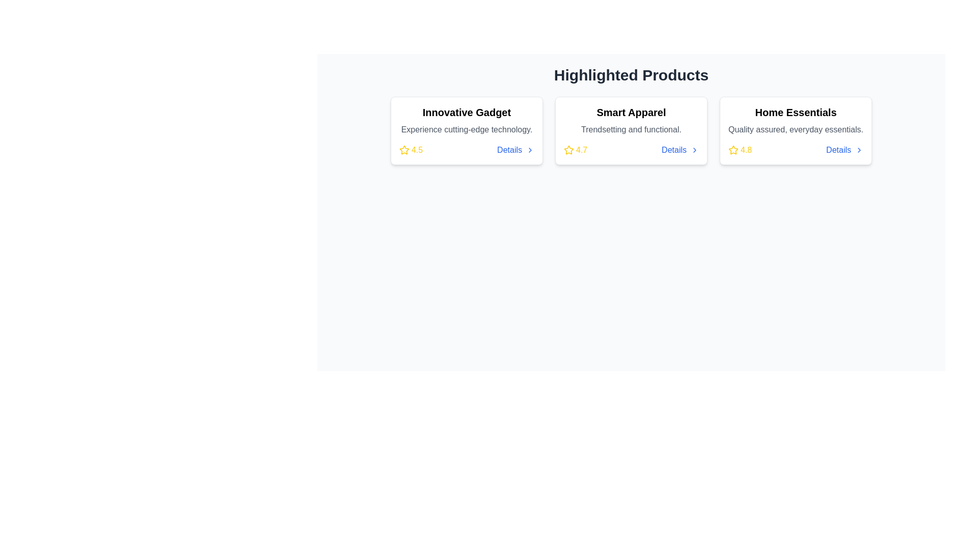  I want to click on the star icon representing ratings, which is located to the left of the numeric rating '4.8' in the 'Home Essentials' product card, so click(733, 150).